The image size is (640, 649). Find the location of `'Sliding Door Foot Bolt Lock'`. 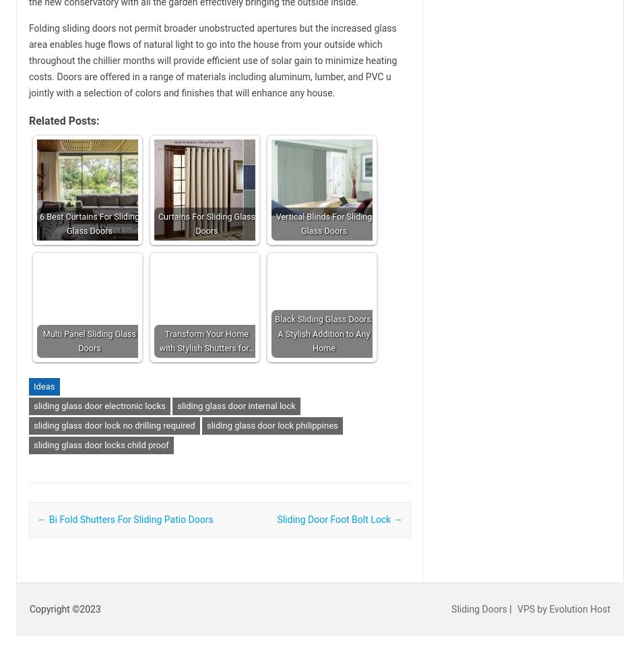

'Sliding Door Foot Bolt Lock' is located at coordinates (335, 519).